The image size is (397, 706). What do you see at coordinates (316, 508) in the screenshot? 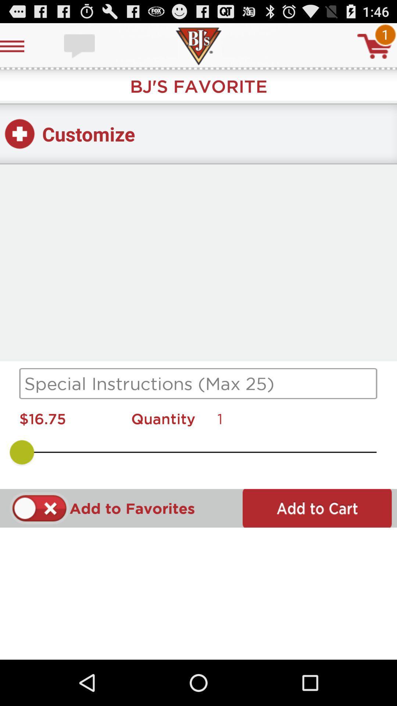
I see `the add to cart` at bounding box center [316, 508].